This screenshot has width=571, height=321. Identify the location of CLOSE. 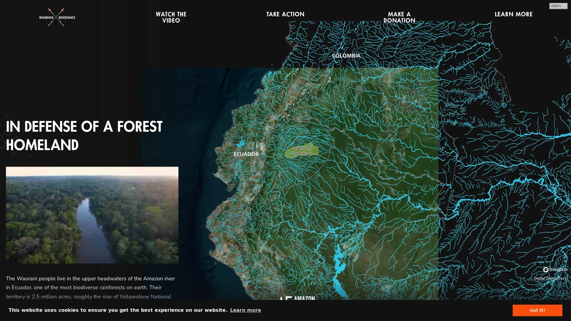
(472, 38).